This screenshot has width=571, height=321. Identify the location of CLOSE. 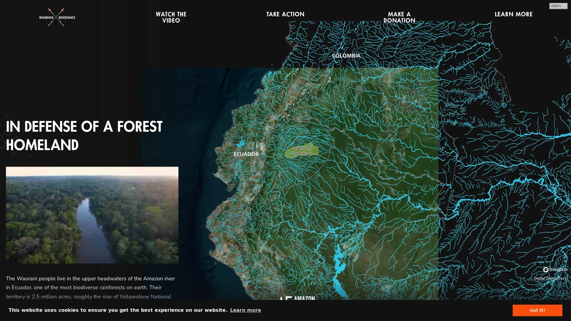
(472, 38).